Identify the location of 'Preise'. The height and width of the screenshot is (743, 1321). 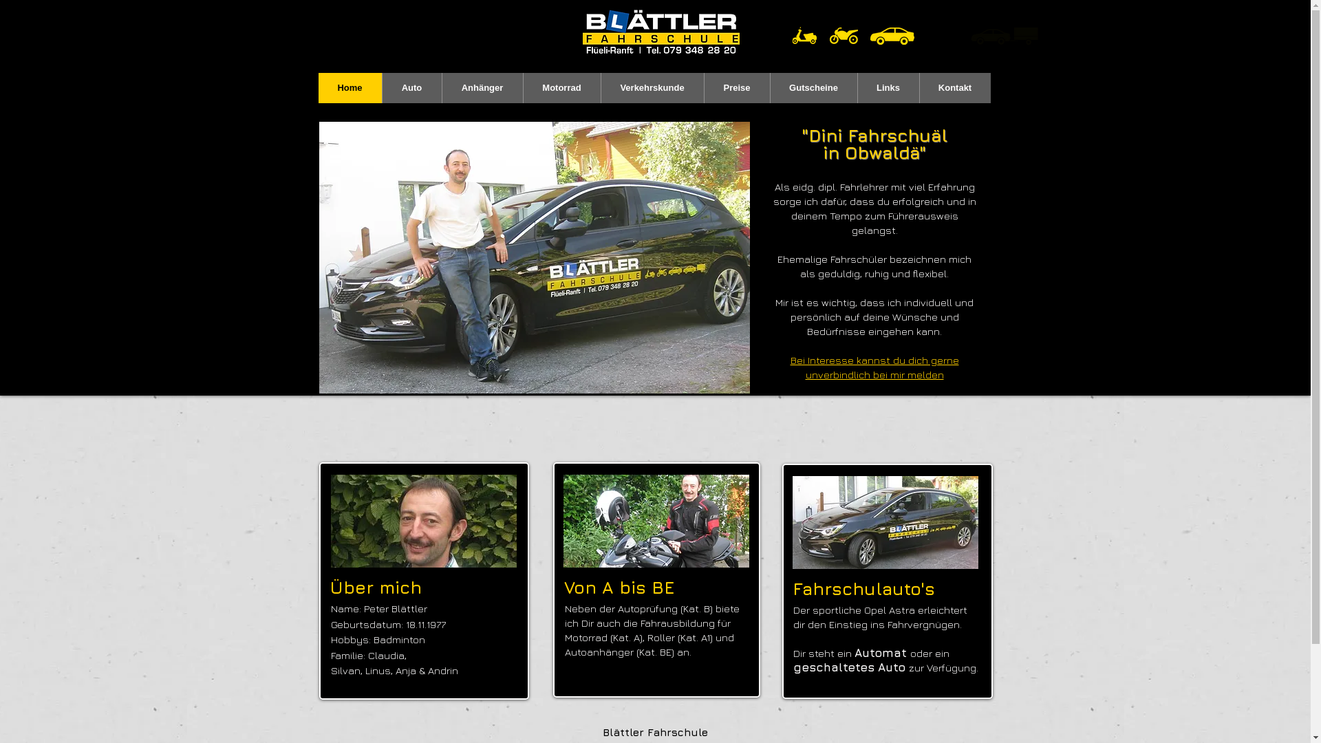
(735, 87).